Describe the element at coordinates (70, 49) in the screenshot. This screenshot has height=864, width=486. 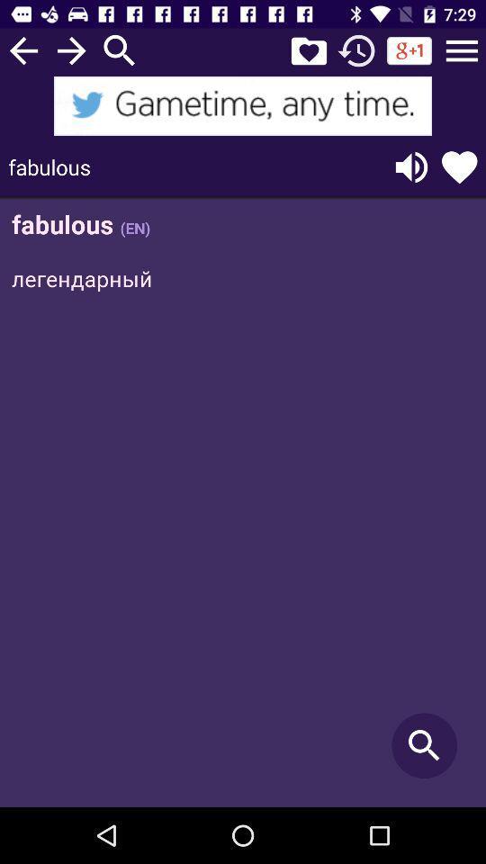
I see `go forward option` at that location.